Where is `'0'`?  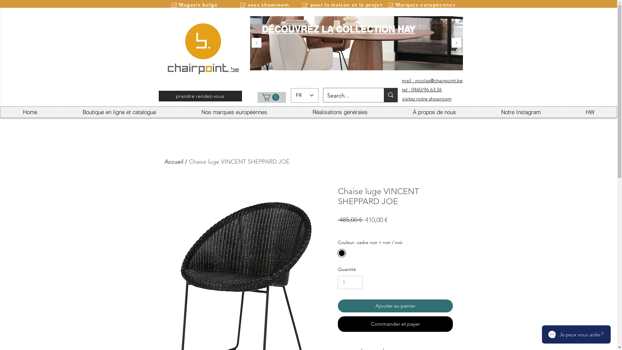 '0' is located at coordinates (271, 97).